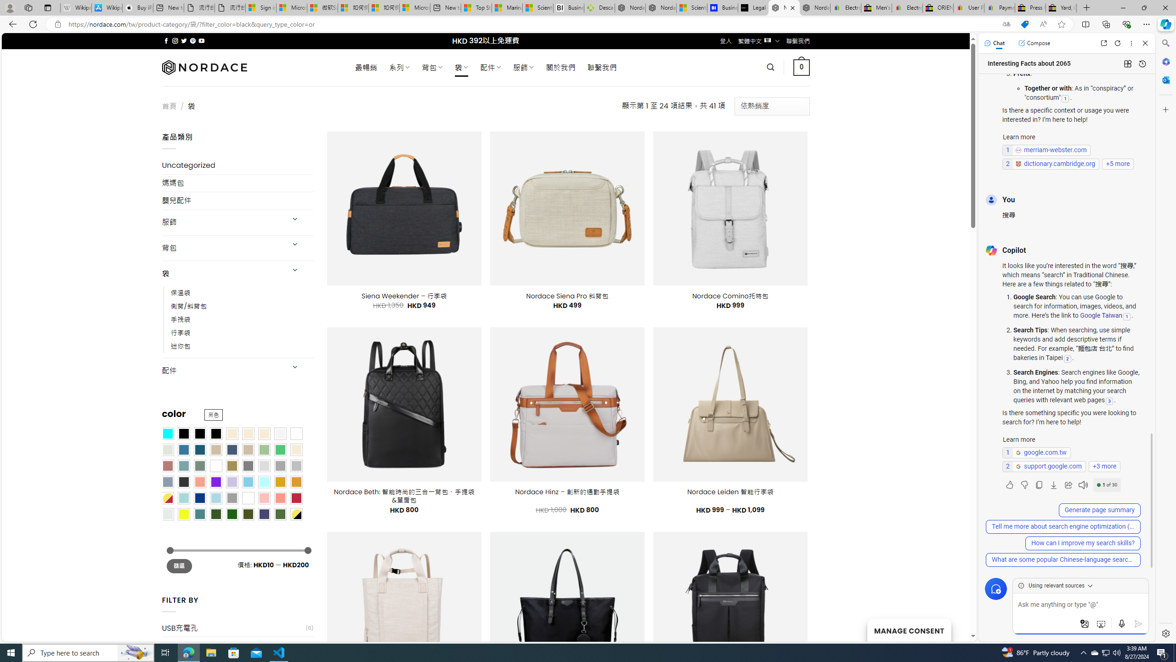 Image resolution: width=1176 pixels, height=662 pixels. I want to click on 'Uncategorized', so click(237, 165).